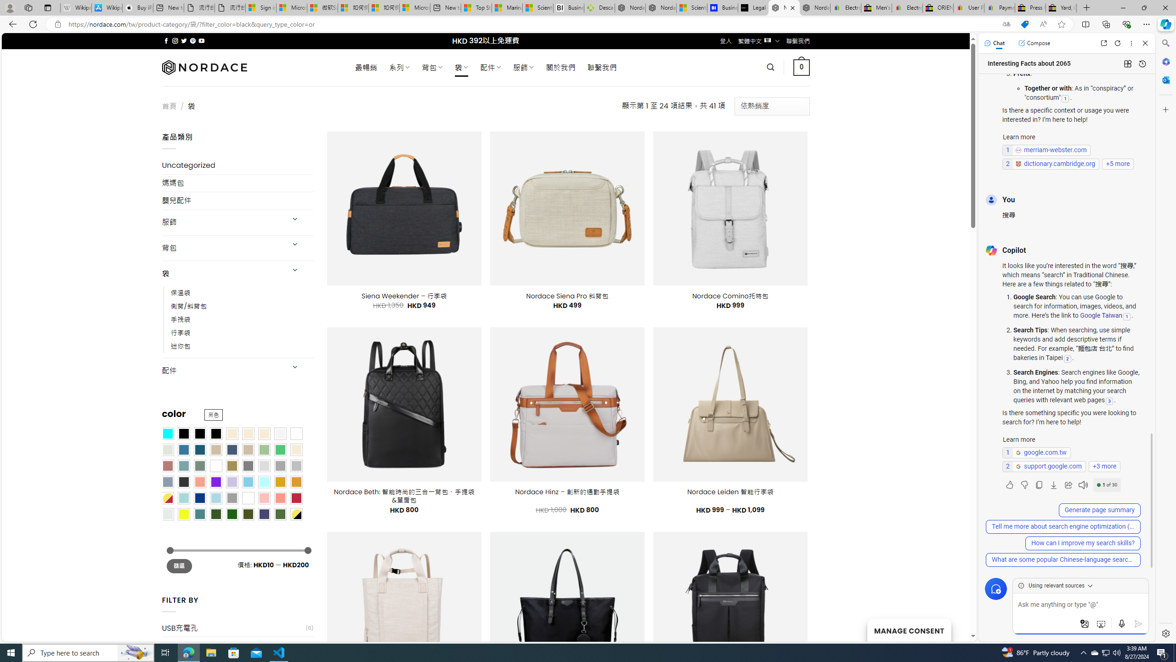 Image resolution: width=1176 pixels, height=662 pixels. I want to click on 'Uncategorized', so click(237, 165).